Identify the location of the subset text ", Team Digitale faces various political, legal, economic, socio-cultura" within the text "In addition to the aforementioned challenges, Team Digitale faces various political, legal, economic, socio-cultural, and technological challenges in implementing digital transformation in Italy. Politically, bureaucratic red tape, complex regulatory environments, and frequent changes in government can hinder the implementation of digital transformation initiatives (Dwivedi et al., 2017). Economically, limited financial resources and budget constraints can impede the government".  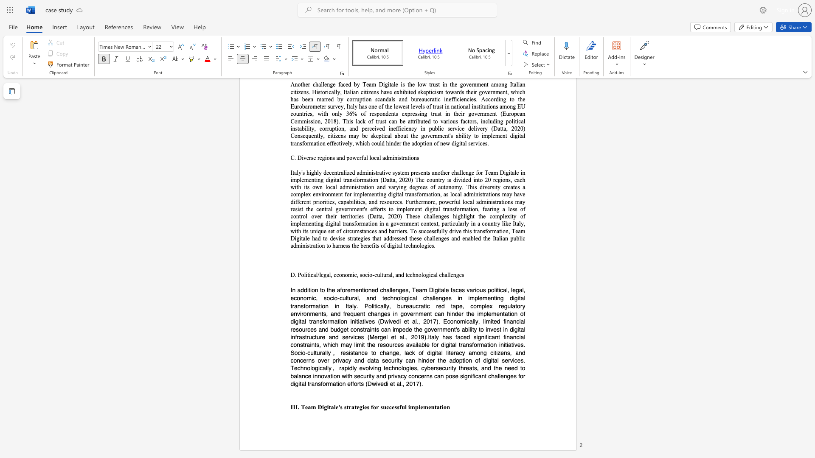
(408, 289).